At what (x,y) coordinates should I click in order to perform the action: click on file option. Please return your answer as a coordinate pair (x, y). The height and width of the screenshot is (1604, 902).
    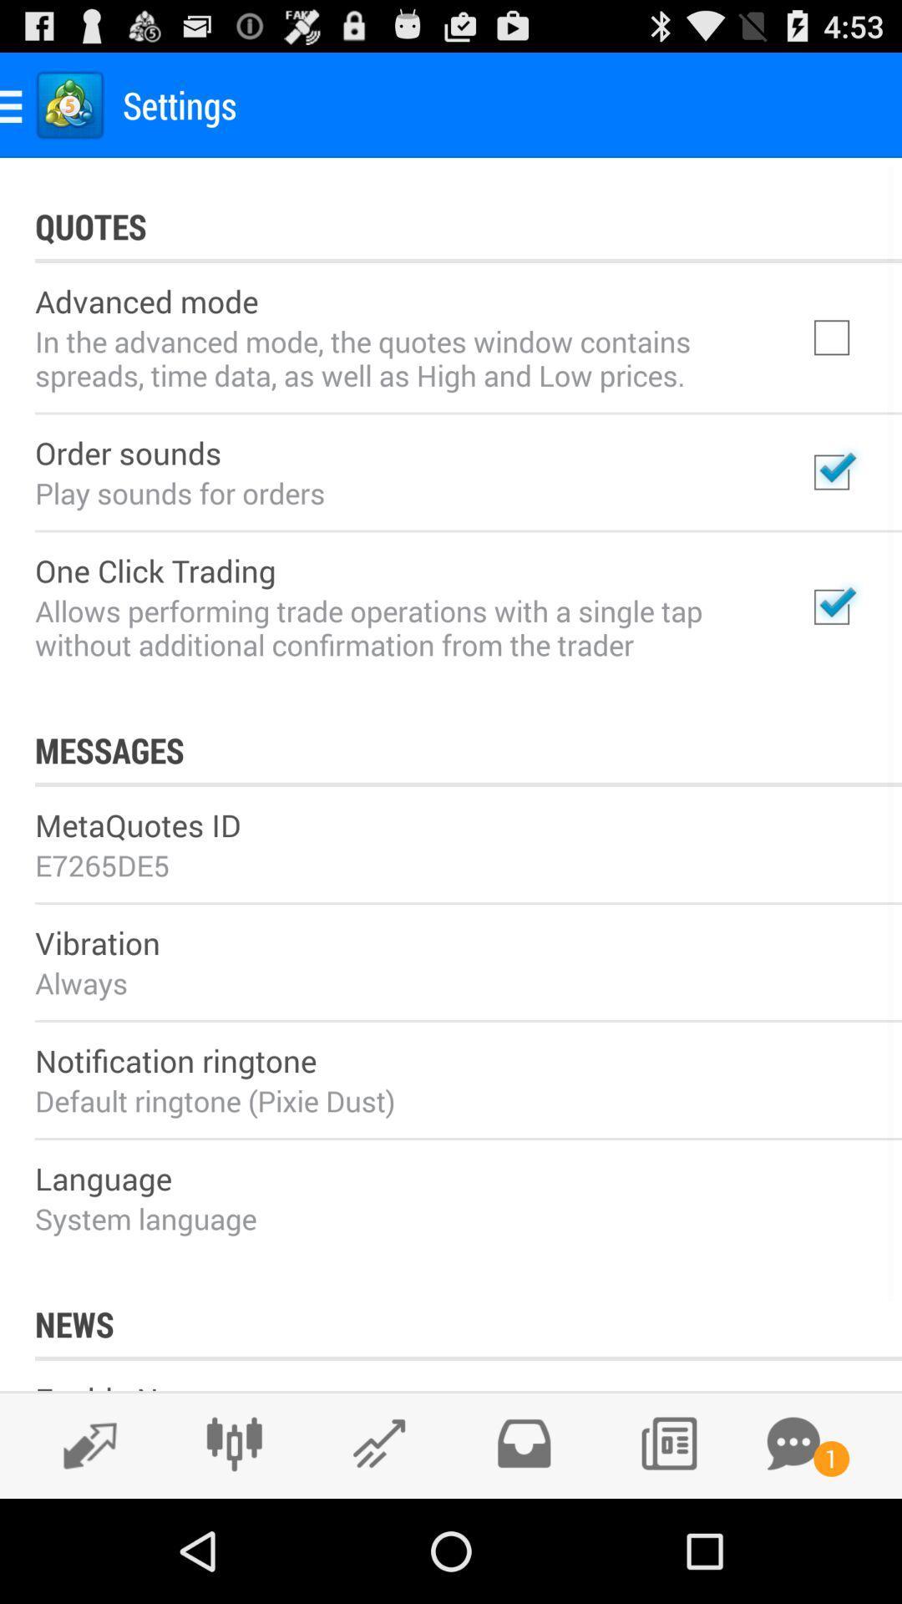
    Looking at the image, I should click on (523, 1443).